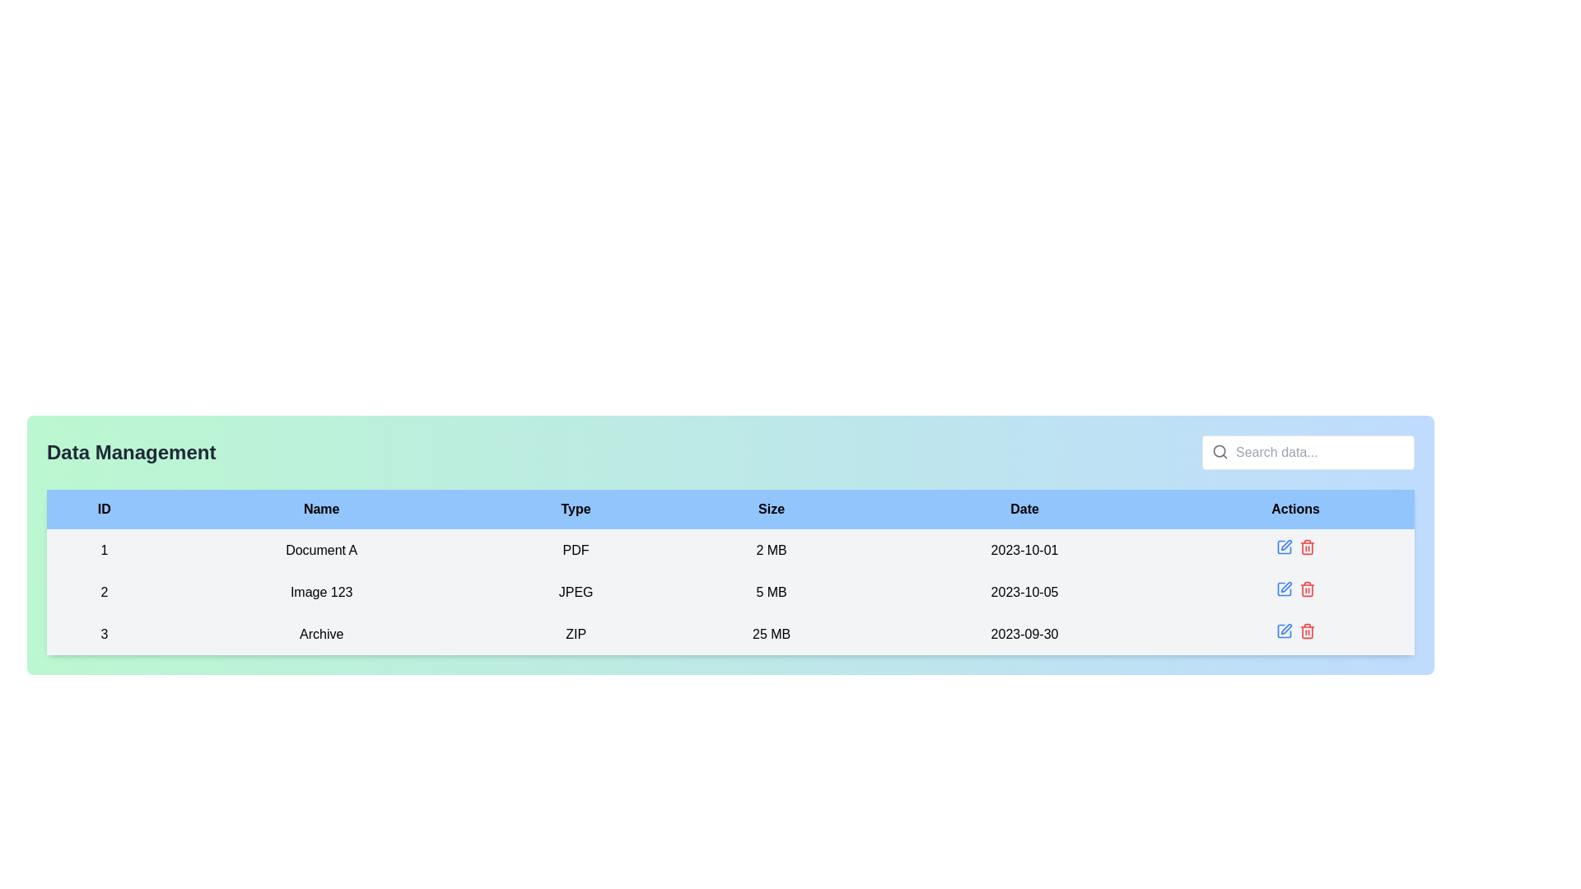  What do you see at coordinates (1220, 451) in the screenshot?
I see `the inner circle of the magnifying glass icon in the search bar located in the top-right corner of the interface` at bounding box center [1220, 451].